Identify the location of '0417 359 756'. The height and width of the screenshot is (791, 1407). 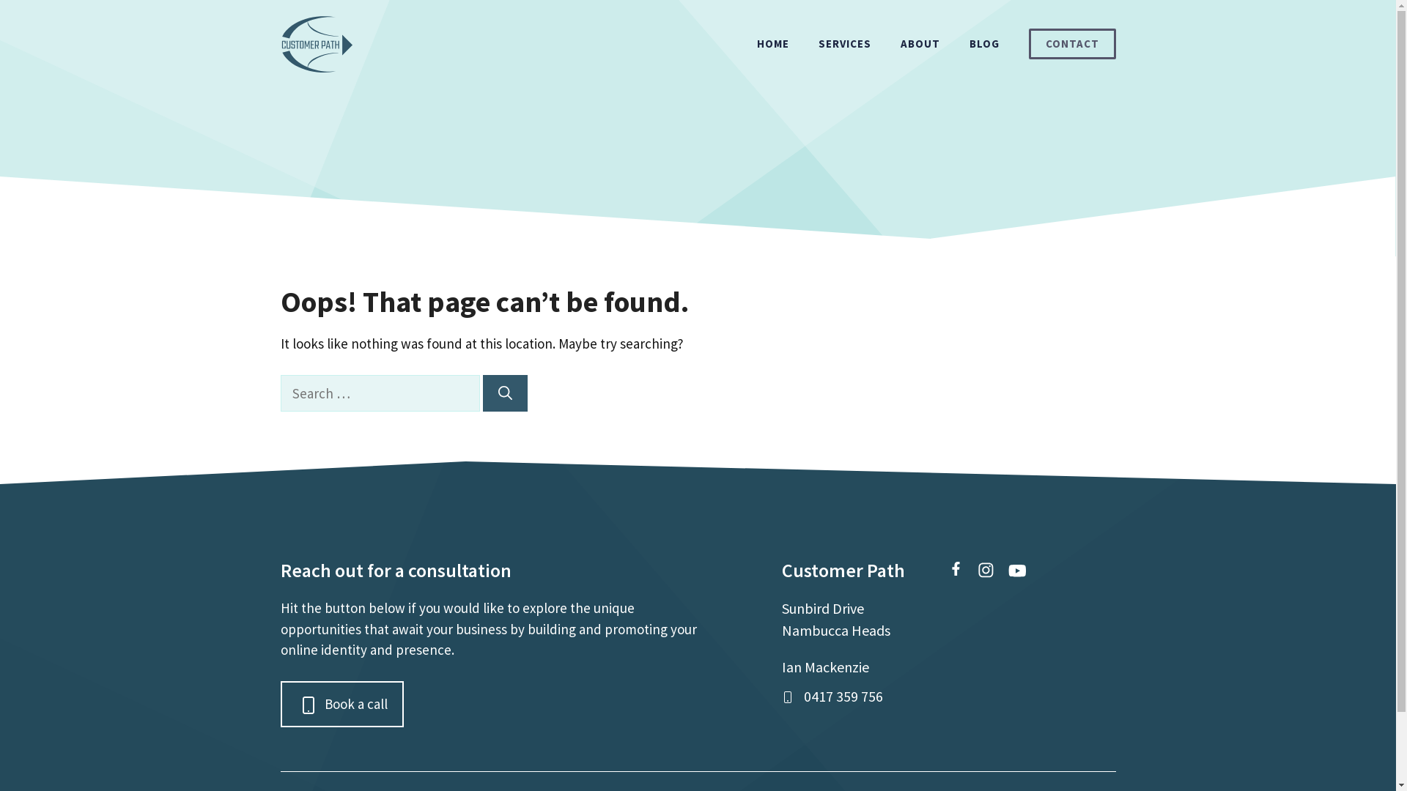
(843, 695).